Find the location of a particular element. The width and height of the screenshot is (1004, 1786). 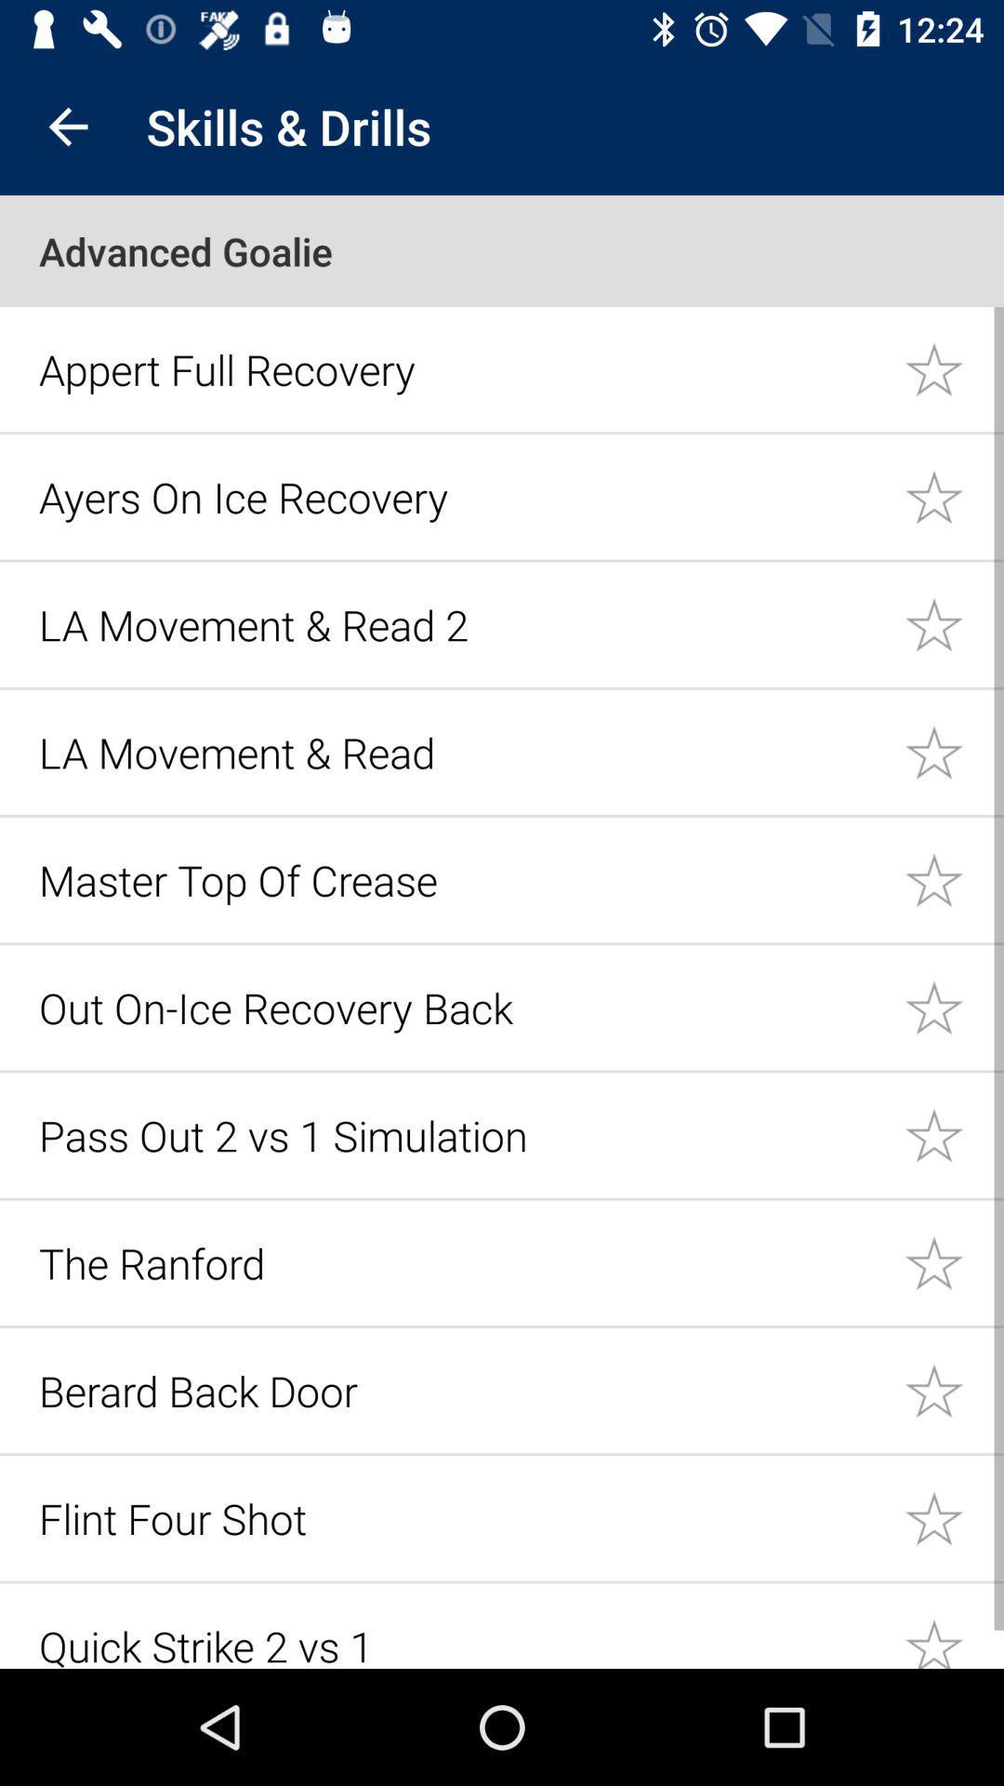

the icon below the appert full recovery is located at coordinates (460, 497).